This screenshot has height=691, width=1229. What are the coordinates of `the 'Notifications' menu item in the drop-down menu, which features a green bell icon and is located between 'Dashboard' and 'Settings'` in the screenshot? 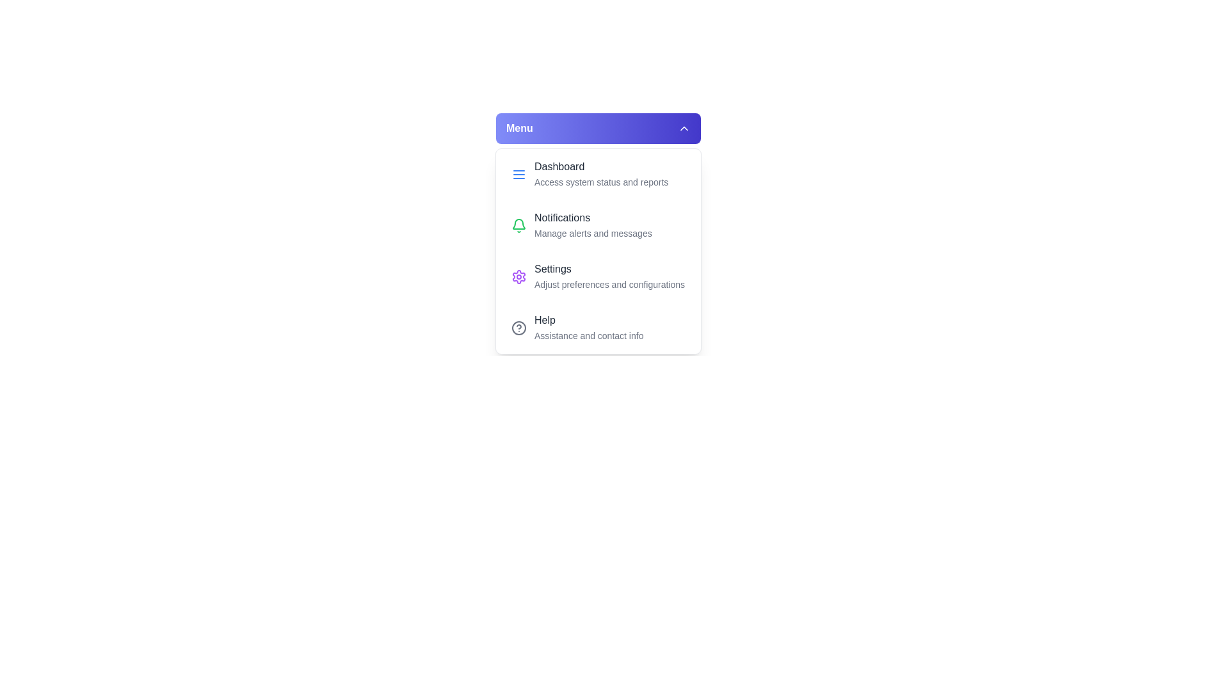 It's located at (598, 225).